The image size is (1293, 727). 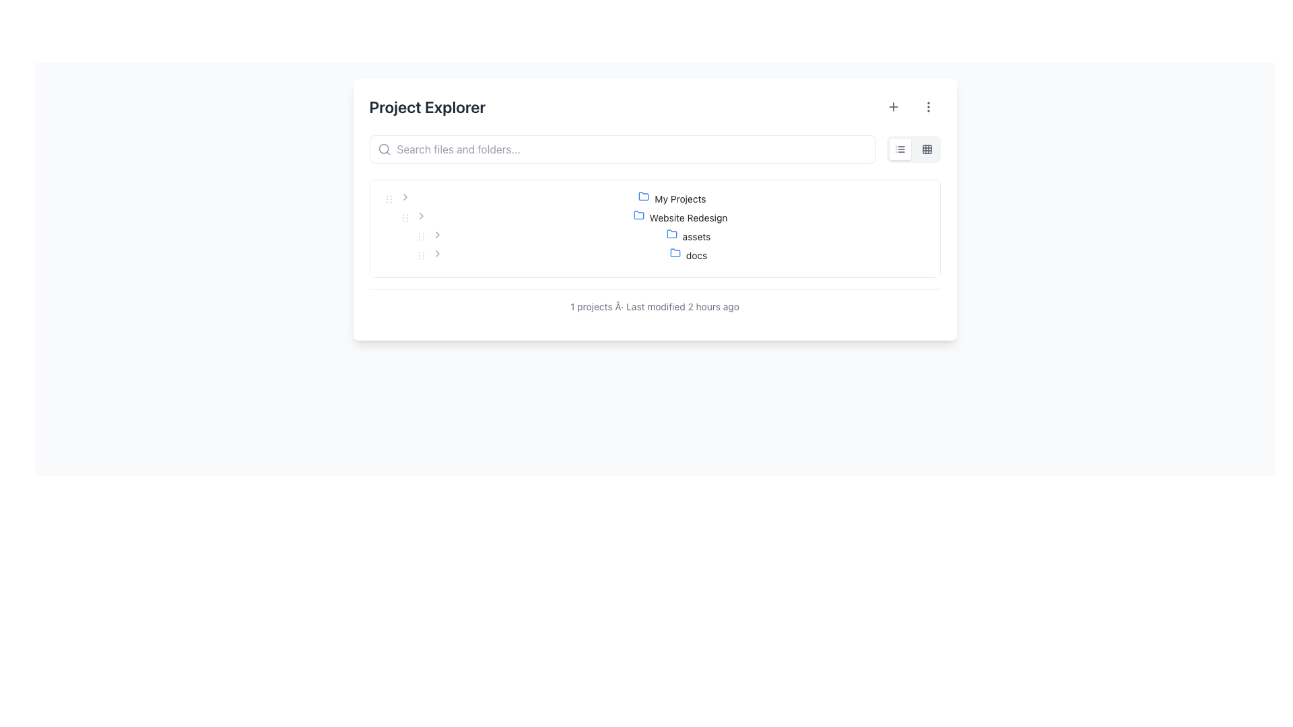 I want to click on the blue folder icon located to the left of the 'Website Redesign' text in the 'Project Explorer' section, so click(x=640, y=217).